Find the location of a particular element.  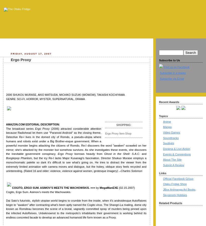

'Related Products' is located at coordinates (170, 203).